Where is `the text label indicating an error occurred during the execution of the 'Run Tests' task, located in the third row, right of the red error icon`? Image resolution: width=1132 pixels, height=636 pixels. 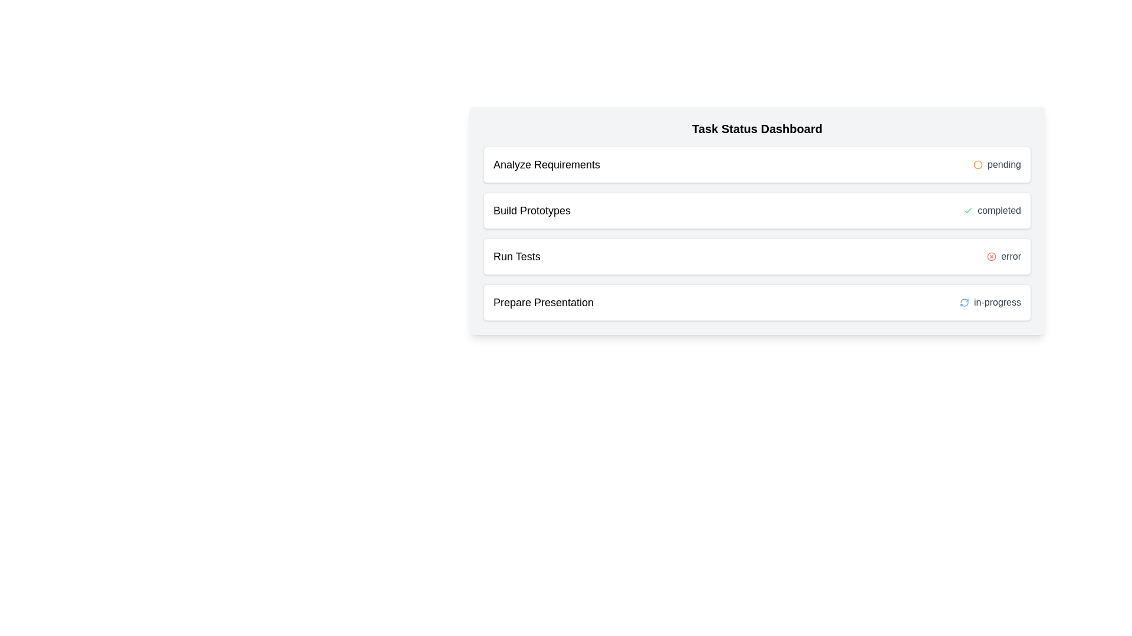
the text label indicating an error occurred during the execution of the 'Run Tests' task, located in the third row, right of the red error icon is located at coordinates (1011, 256).